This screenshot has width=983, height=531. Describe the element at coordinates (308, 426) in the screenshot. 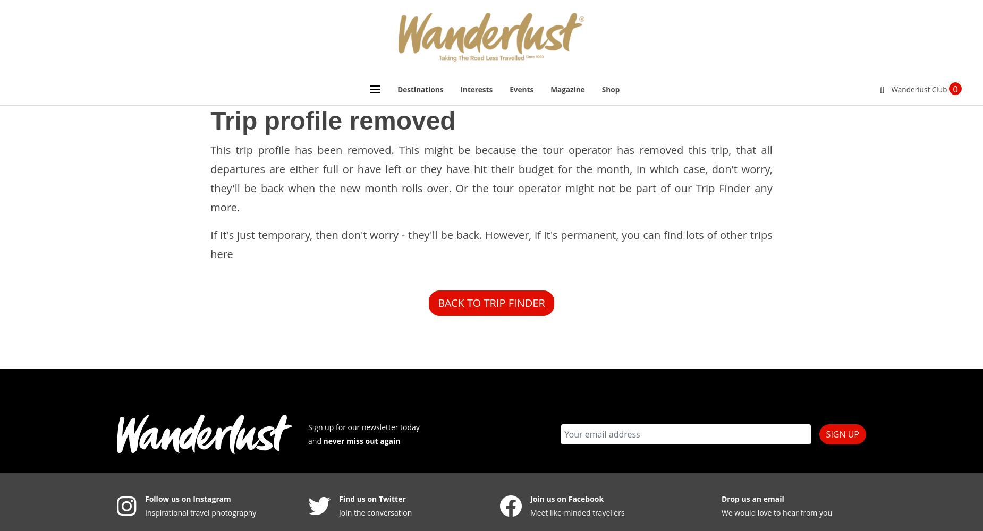

I see `'Sign up for our newsletter today'` at that location.